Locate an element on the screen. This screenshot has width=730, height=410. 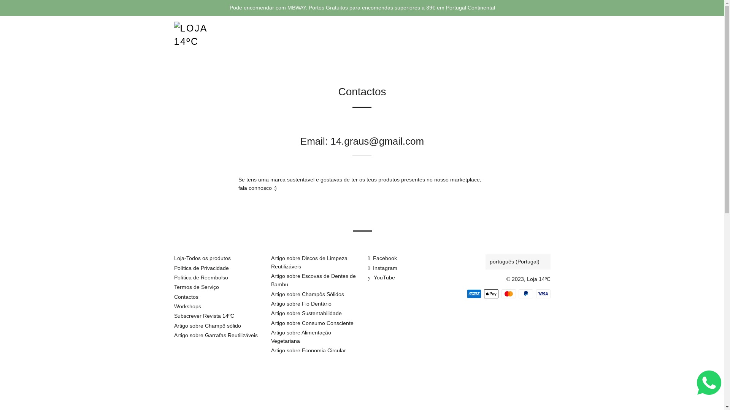
'Workshops' is located at coordinates (187, 306).